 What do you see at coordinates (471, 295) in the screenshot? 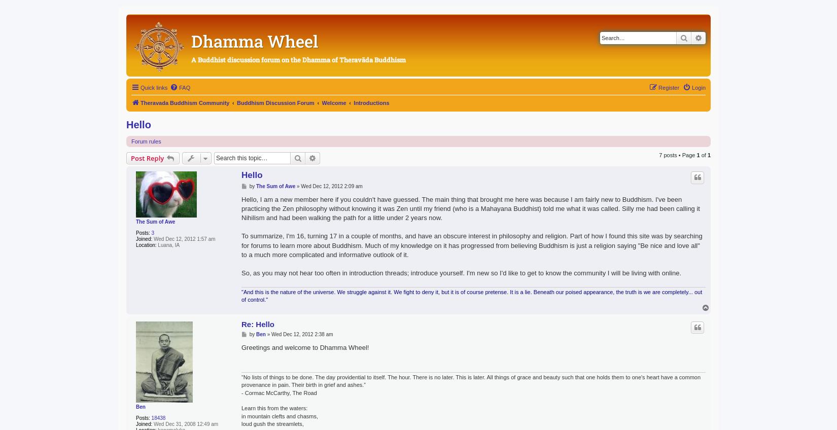
I see `'"And this is the nature of the universe. We struggle against it. We fight to deny it, but it is of course pretense. It is a lie. Beneath our poised appearance, the truth is we are completely... out of control."'` at bounding box center [471, 295].